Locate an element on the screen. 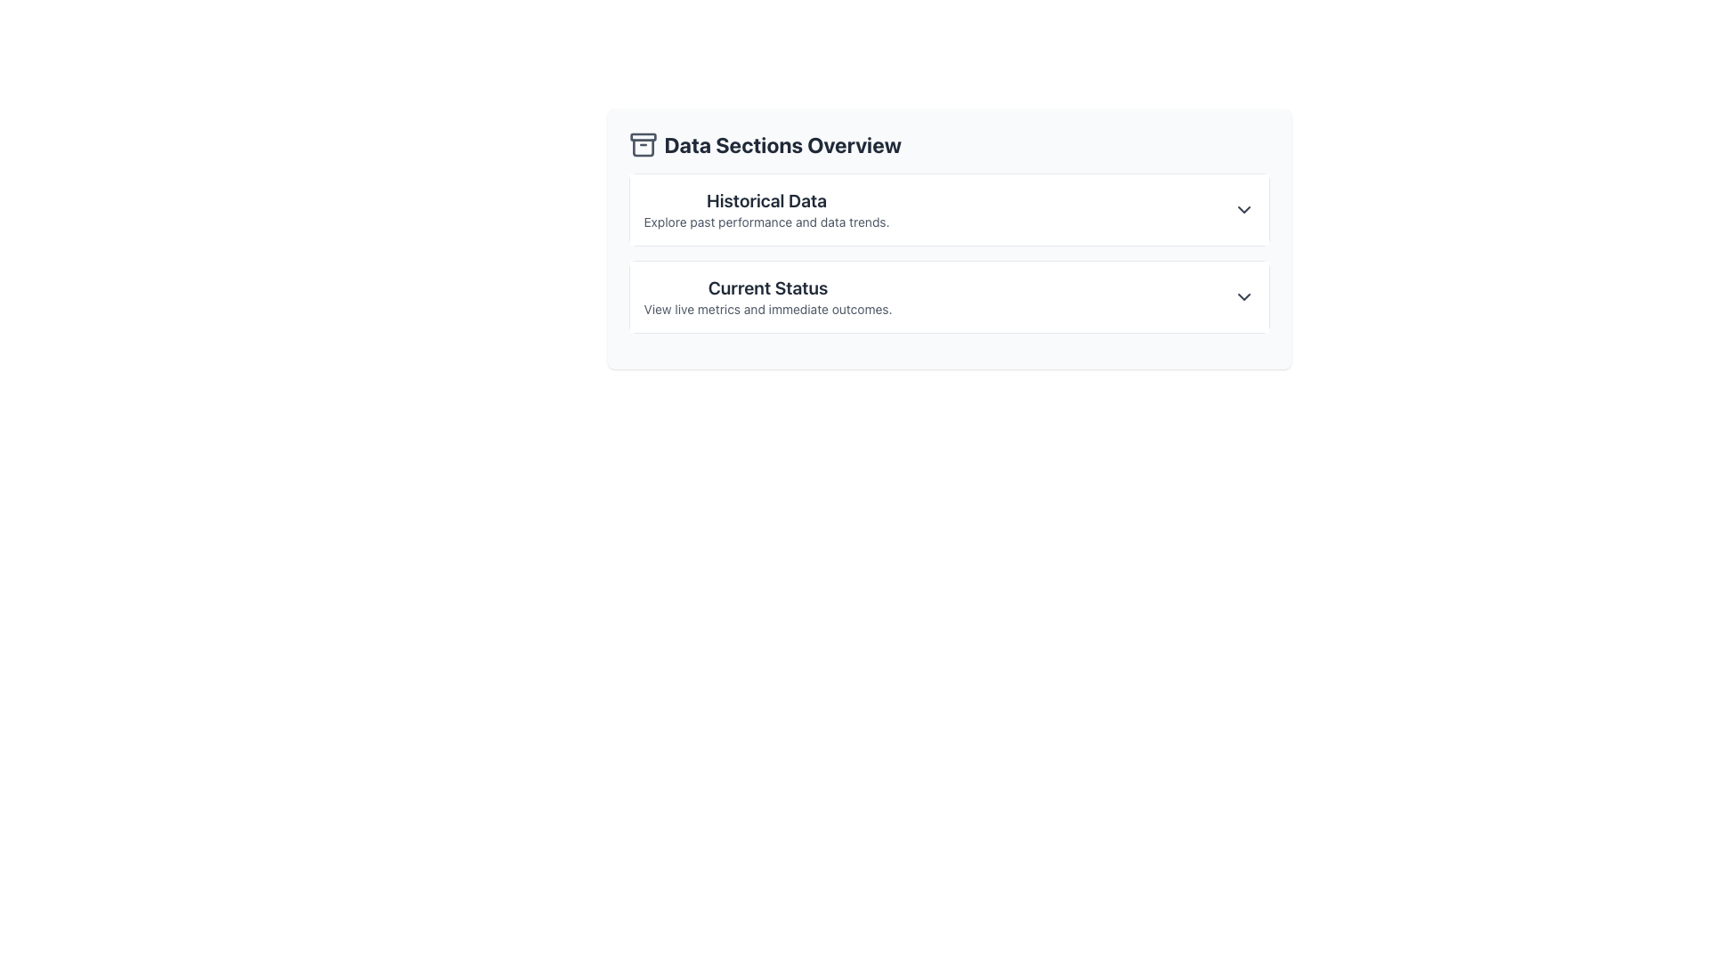 The height and width of the screenshot is (961, 1709). the rectangular SVG shape with rounded corners located in the upper section of the archive box icon is located at coordinates (642, 136).